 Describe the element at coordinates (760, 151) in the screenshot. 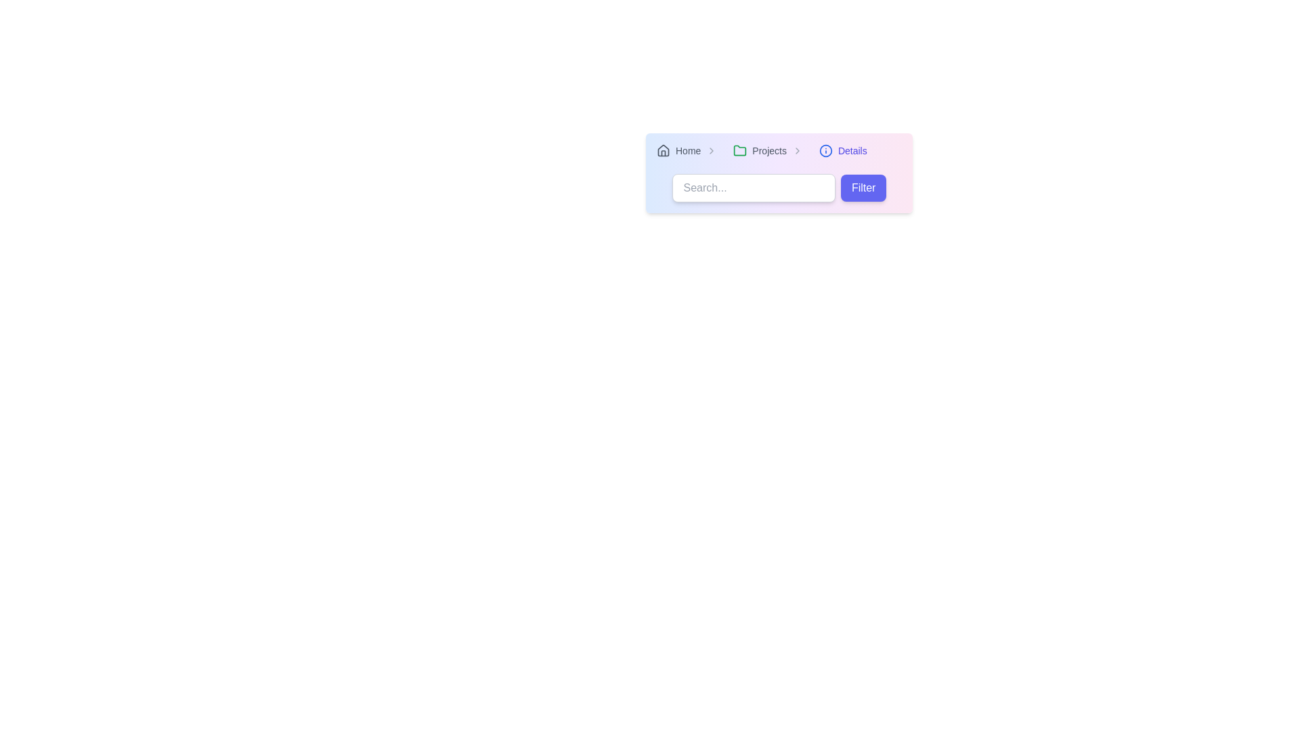

I see `the 'Projects' breadcrumb hyperlink in the breadcrumb navigation bar, which is labeled 'Projects' and has a green folder icon to its left` at that location.